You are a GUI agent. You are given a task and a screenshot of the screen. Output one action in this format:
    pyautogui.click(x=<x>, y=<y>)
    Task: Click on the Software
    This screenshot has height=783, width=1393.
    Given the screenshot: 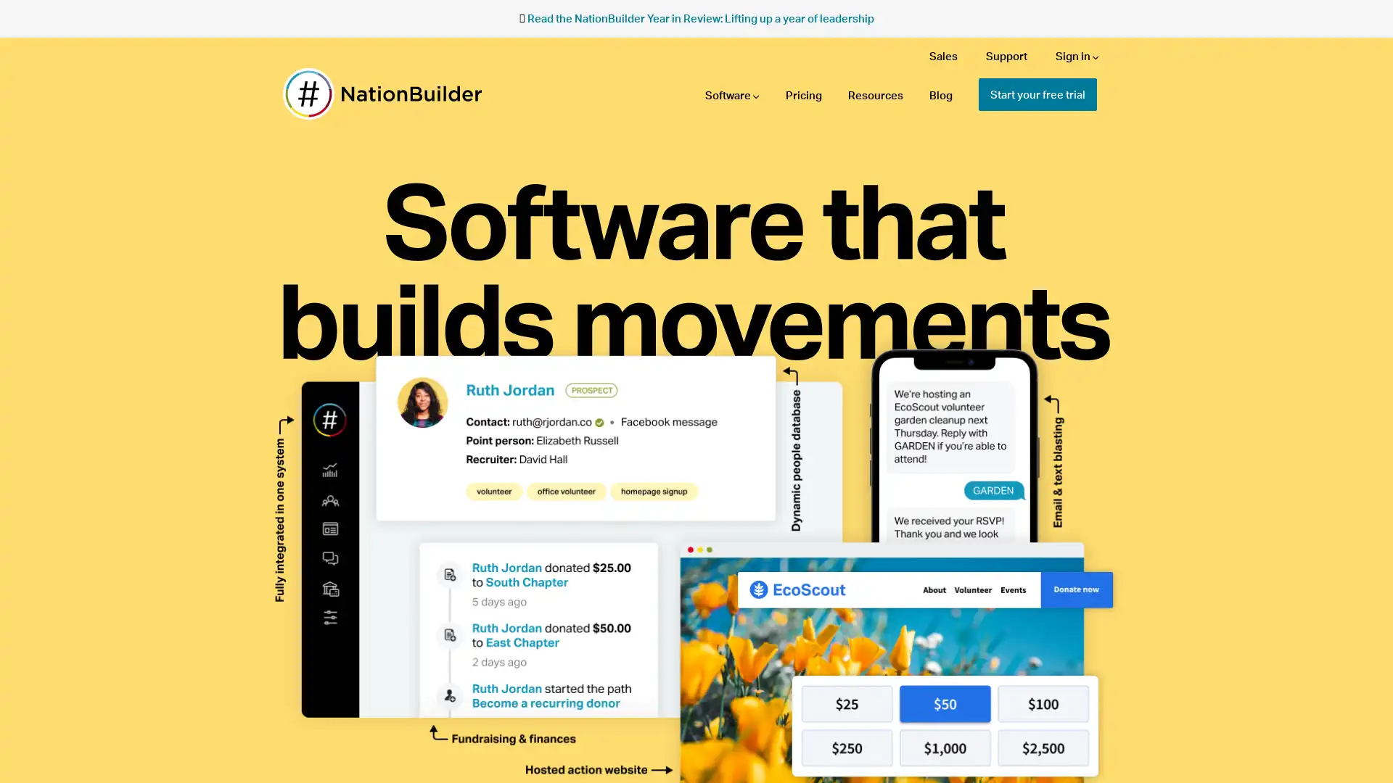 What is the action you would take?
    pyautogui.click(x=732, y=95)
    